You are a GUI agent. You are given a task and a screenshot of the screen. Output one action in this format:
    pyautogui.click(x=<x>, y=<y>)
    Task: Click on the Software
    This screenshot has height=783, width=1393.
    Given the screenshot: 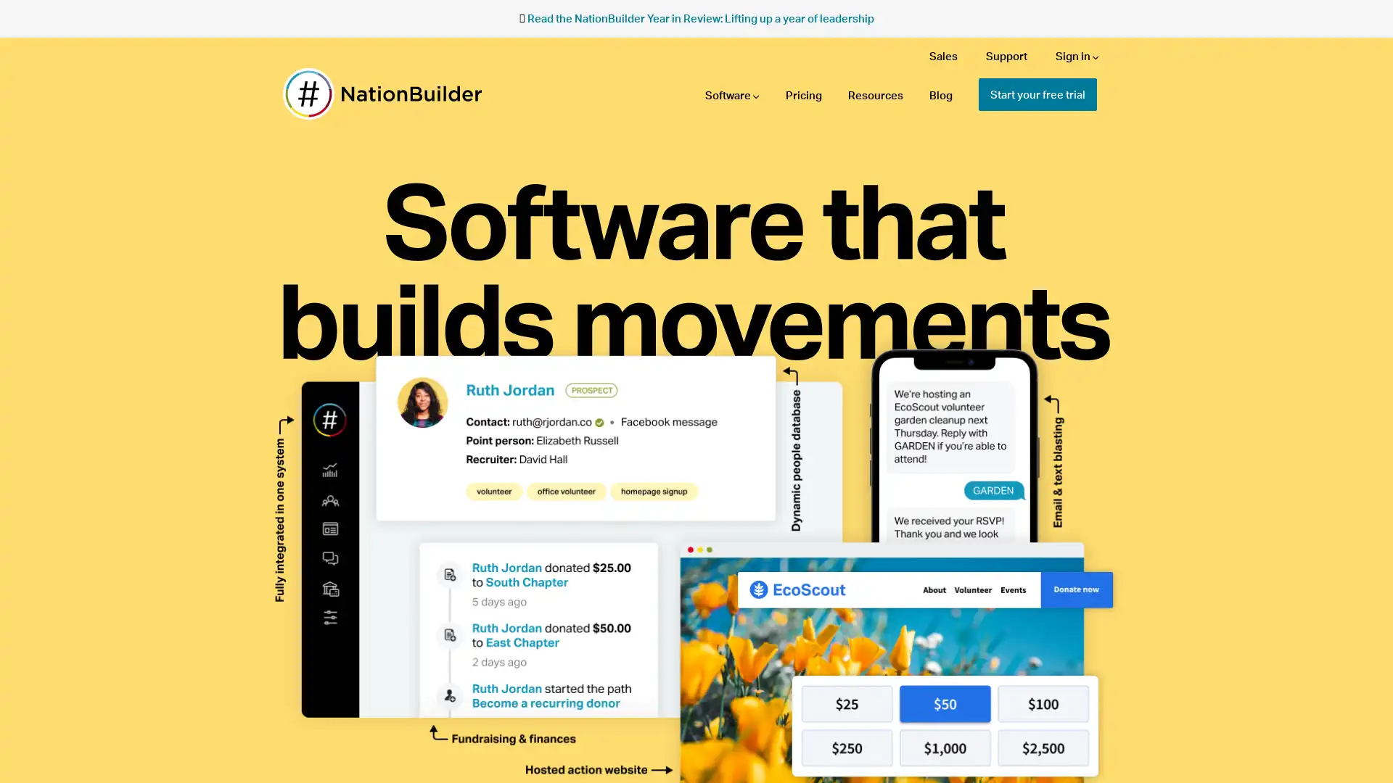 What is the action you would take?
    pyautogui.click(x=732, y=95)
    